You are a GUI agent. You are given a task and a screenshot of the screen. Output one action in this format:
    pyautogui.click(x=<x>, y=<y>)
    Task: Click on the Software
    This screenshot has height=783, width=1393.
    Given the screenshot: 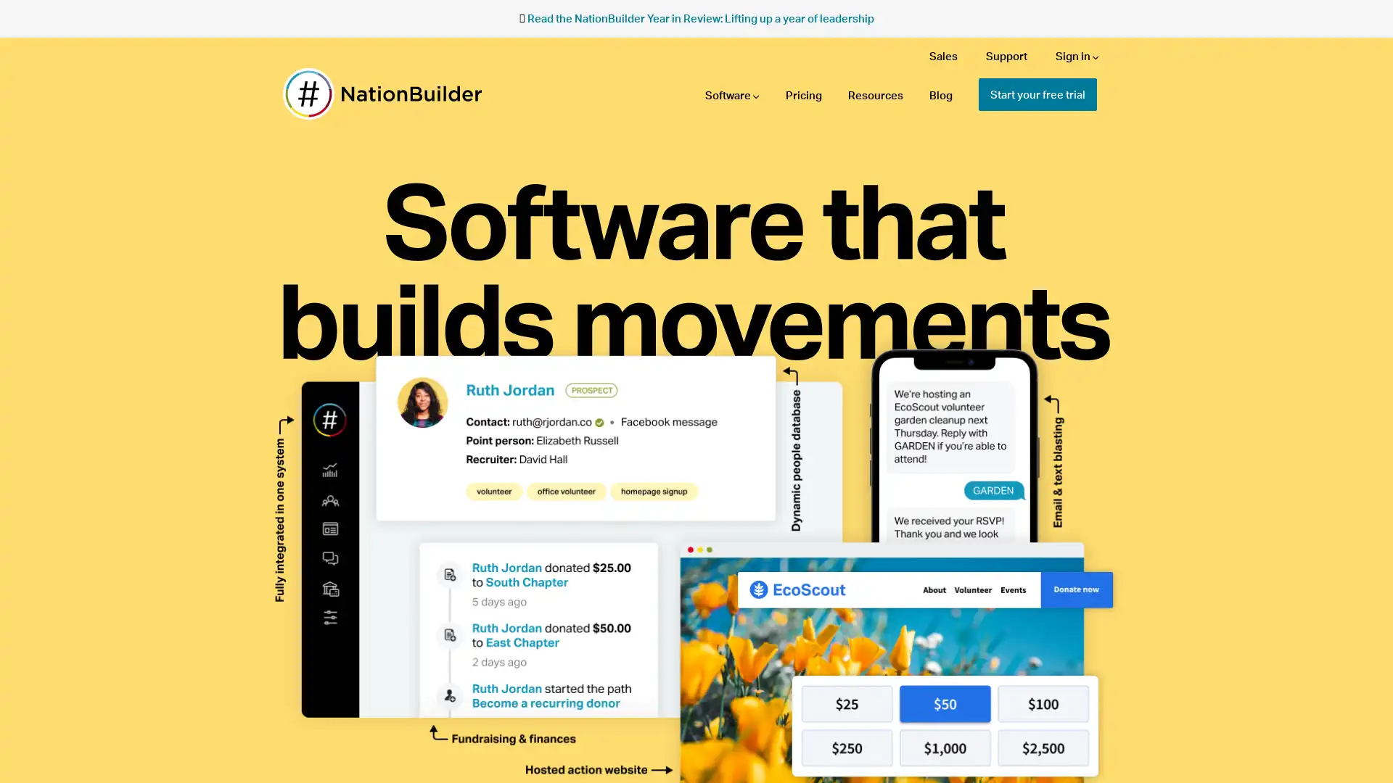 What is the action you would take?
    pyautogui.click(x=732, y=95)
    